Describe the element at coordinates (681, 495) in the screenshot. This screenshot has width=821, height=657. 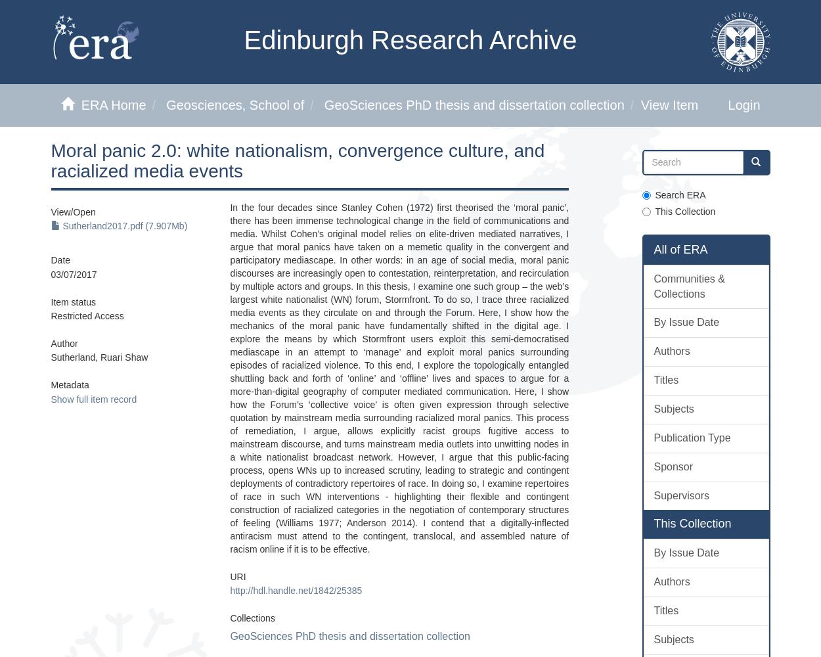
I see `'Supervisors'` at that location.